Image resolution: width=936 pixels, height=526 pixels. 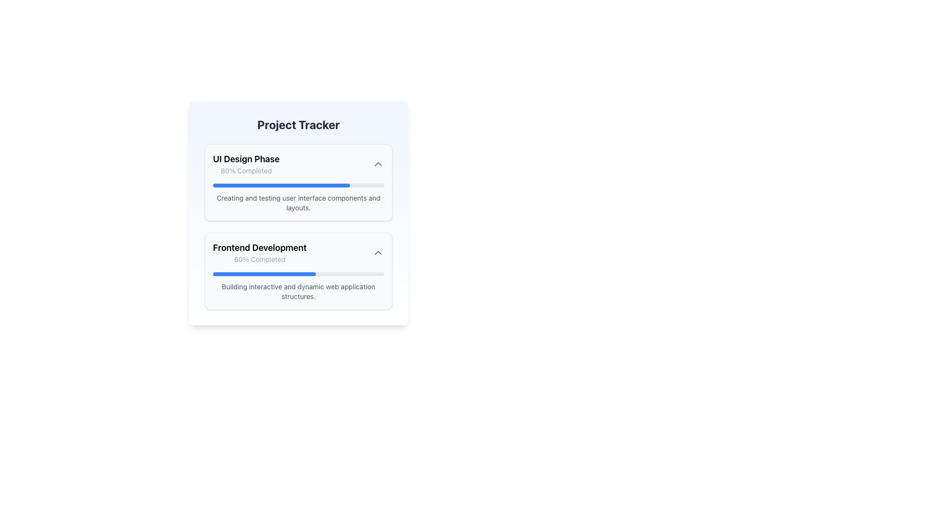 What do you see at coordinates (246, 163) in the screenshot?
I see `progress indicator text display located in the upper card of the project tracker interface, positioned near the left side above the progress bar` at bounding box center [246, 163].